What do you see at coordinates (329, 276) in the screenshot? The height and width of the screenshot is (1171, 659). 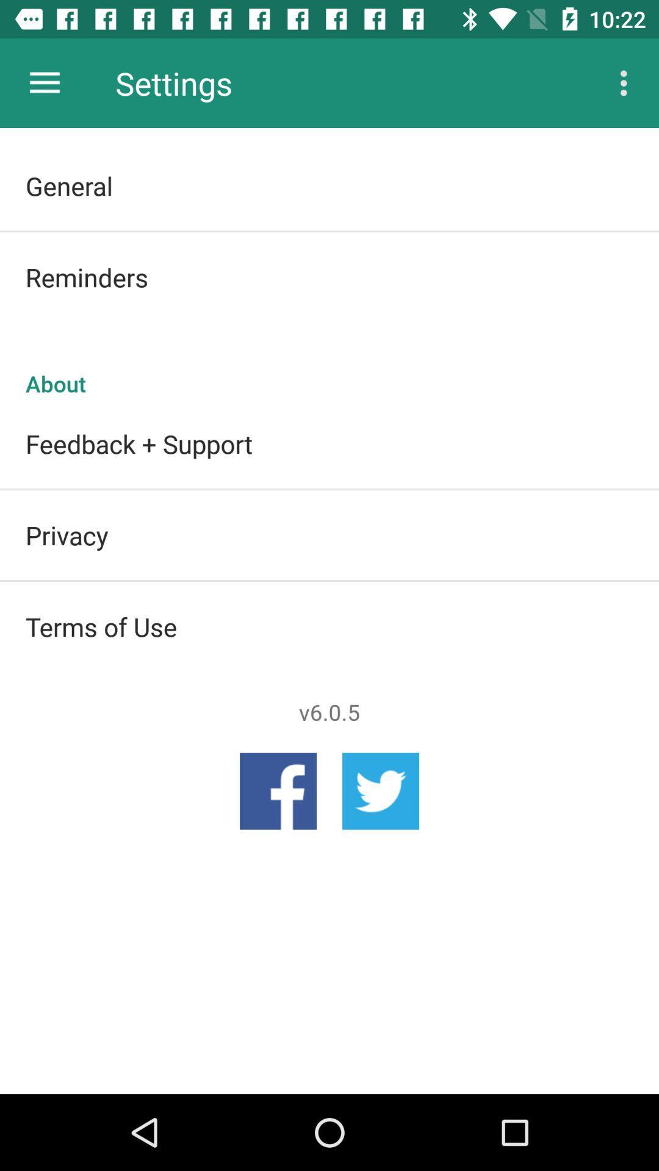 I see `icon above about icon` at bounding box center [329, 276].